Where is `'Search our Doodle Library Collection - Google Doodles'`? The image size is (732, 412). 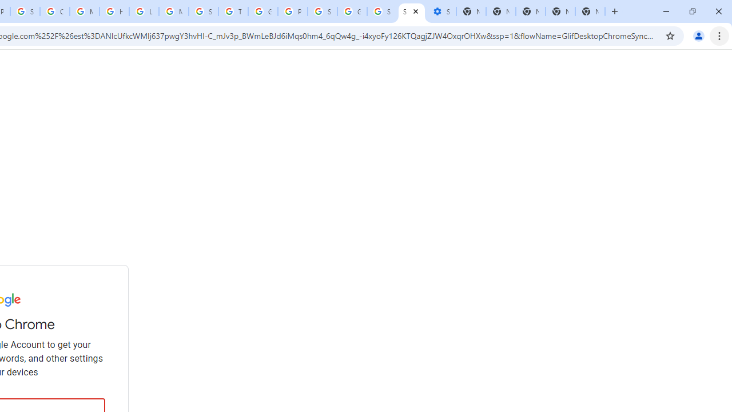
'Search our Doodle Library Collection - Google Doodles' is located at coordinates (203, 11).